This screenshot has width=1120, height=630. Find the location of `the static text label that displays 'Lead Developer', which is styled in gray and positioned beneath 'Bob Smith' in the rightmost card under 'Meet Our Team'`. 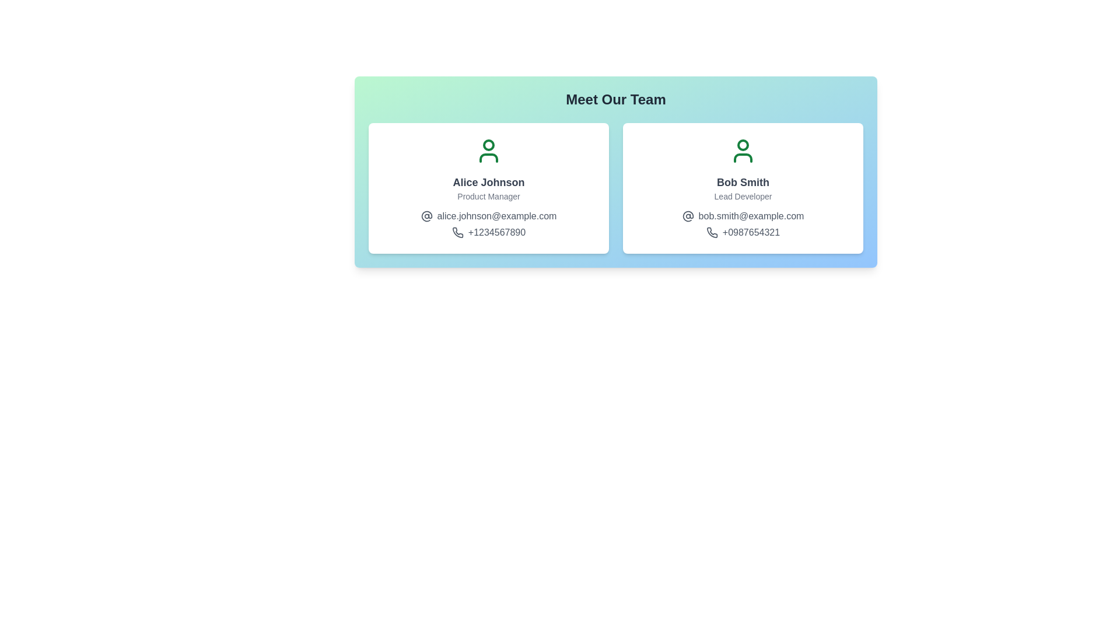

the static text label that displays 'Lead Developer', which is styled in gray and positioned beneath 'Bob Smith' in the rightmost card under 'Meet Our Team' is located at coordinates (742, 195).